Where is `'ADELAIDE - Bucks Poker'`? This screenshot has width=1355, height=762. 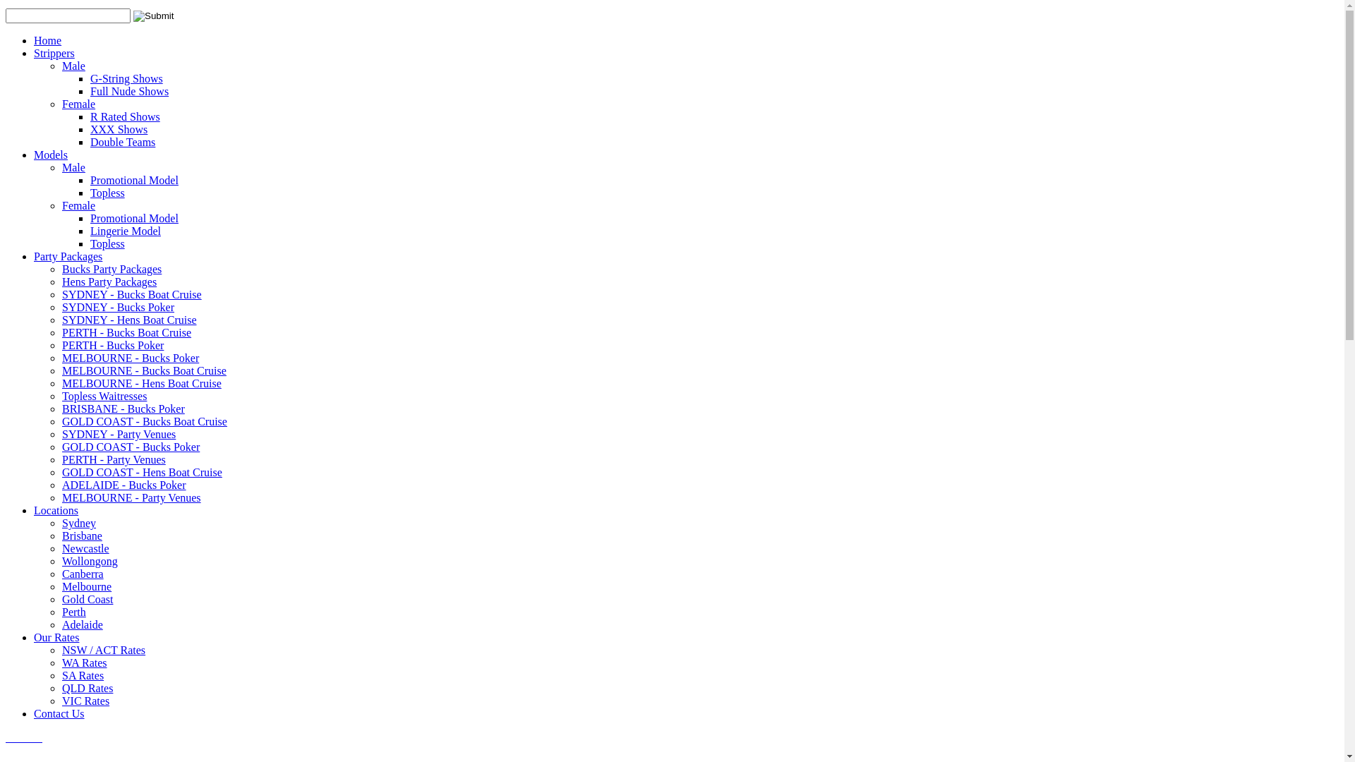 'ADELAIDE - Bucks Poker' is located at coordinates (61, 484).